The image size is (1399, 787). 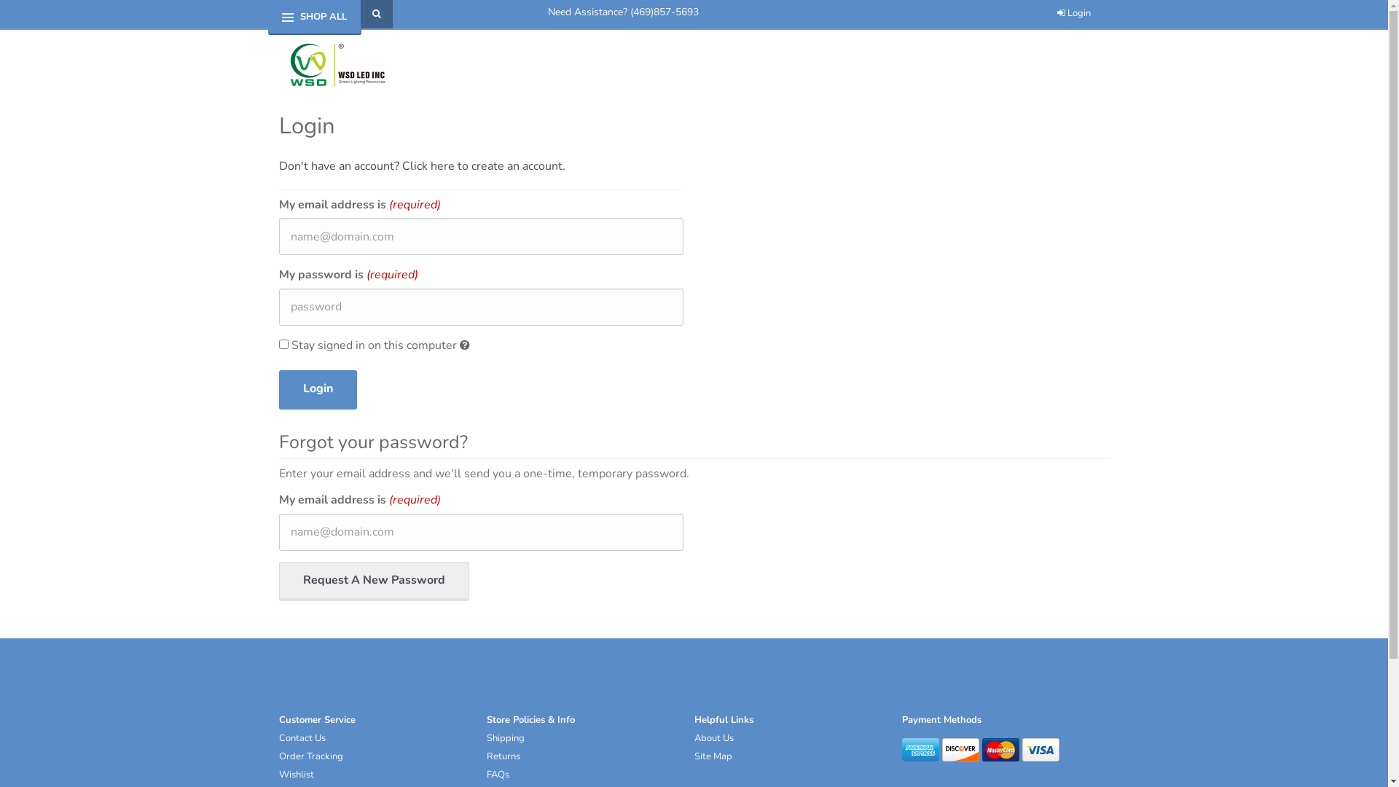 What do you see at coordinates (310, 755) in the screenshot?
I see `'Order Tracking'` at bounding box center [310, 755].